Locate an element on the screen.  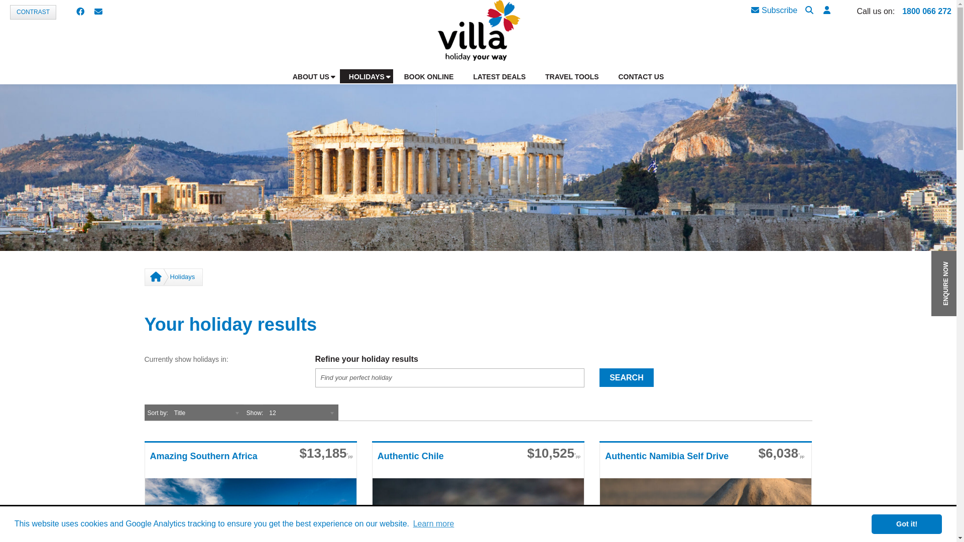
'Learn more' is located at coordinates (433, 523).